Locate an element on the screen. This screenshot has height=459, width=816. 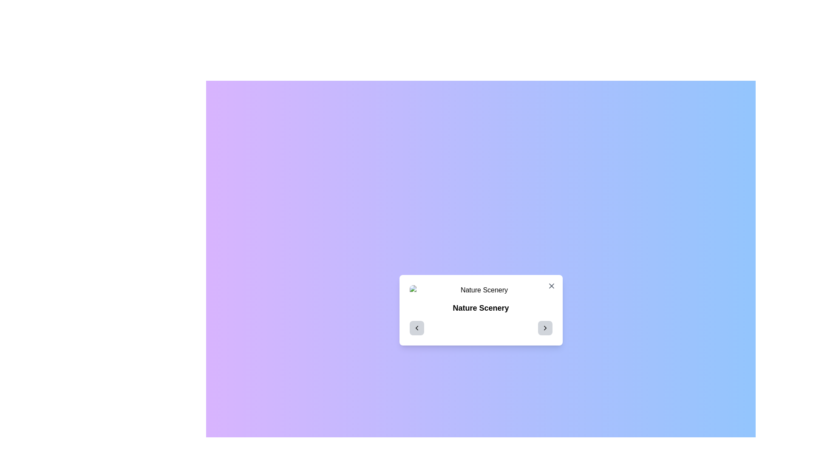
the right button at the bottom-right corner of the dialog box, which has a light gray color and a black right-facing chevron icon is located at coordinates (545, 327).